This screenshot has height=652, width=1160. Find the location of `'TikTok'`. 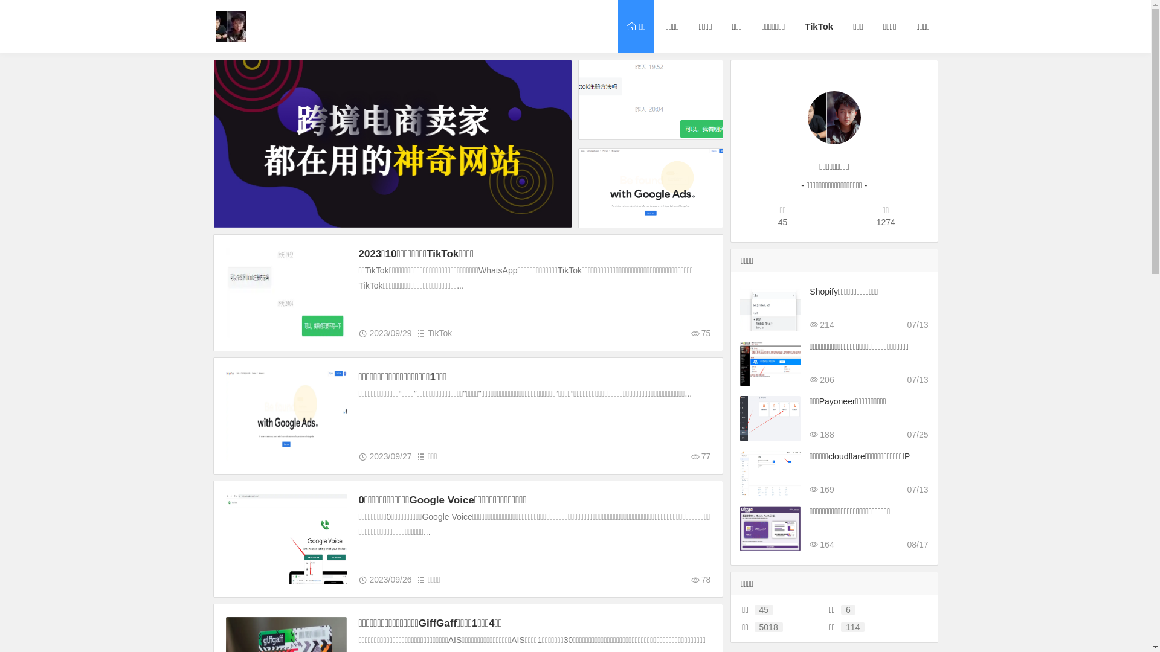

'TikTok' is located at coordinates (817, 26).